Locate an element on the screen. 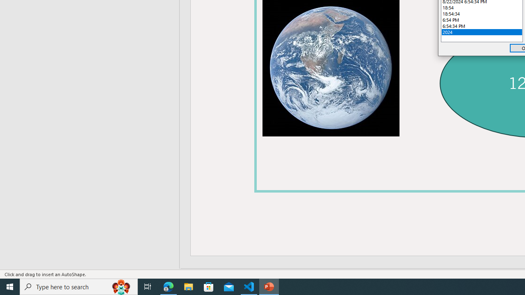  'Task View' is located at coordinates (147, 286).